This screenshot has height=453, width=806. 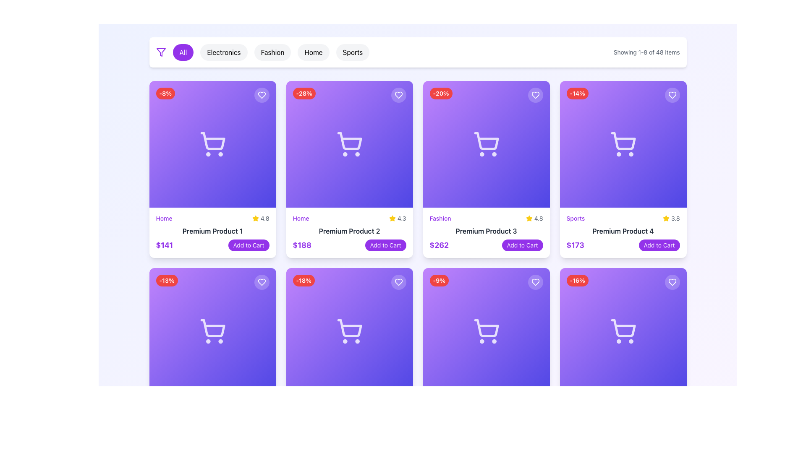 What do you see at coordinates (672, 95) in the screenshot?
I see `the favorite button located in the upper-right corner of the card for 'Premium Product 4' to mark the product as favorite` at bounding box center [672, 95].